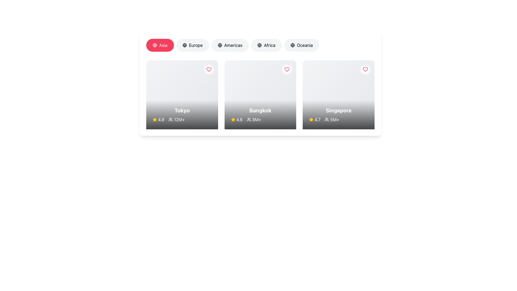 The width and height of the screenshot is (517, 291). I want to click on the Text Label with Icon that displays the user count statistic for the third card from the left in the row, positioned to the right of the user icon, so click(332, 119).